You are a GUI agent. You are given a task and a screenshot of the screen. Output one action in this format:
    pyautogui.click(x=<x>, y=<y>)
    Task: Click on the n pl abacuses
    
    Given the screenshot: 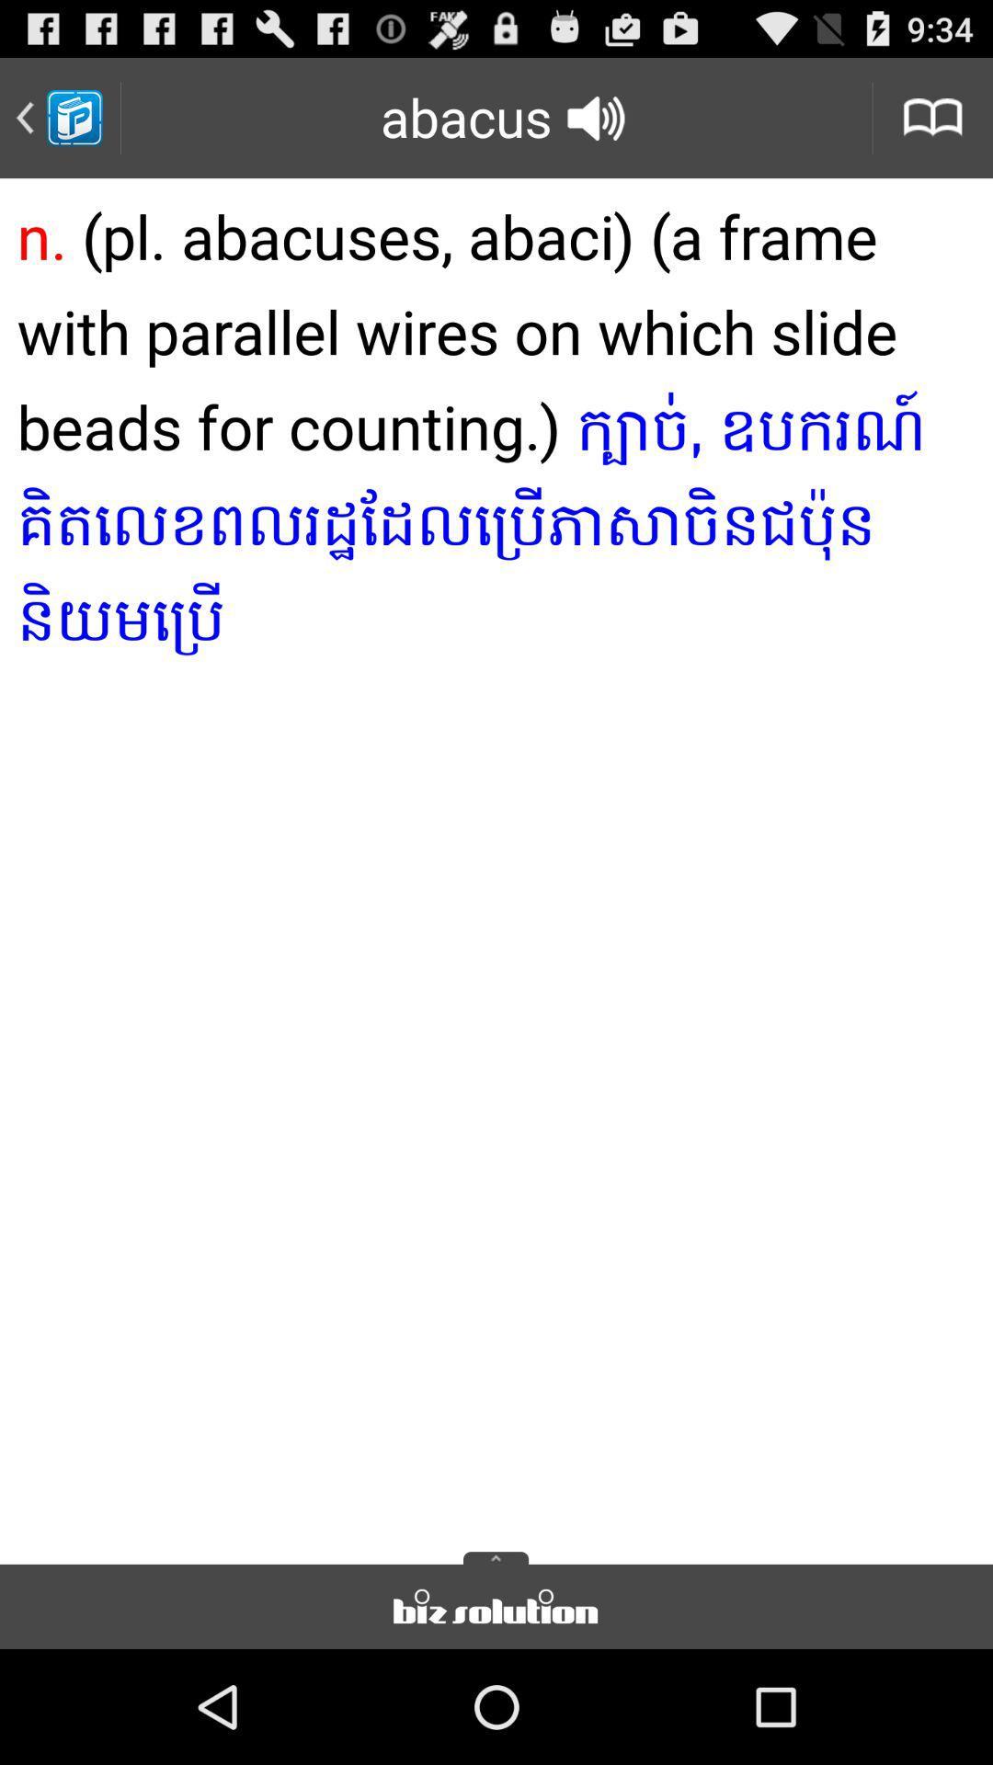 What is the action you would take?
    pyautogui.click(x=496, y=864)
    